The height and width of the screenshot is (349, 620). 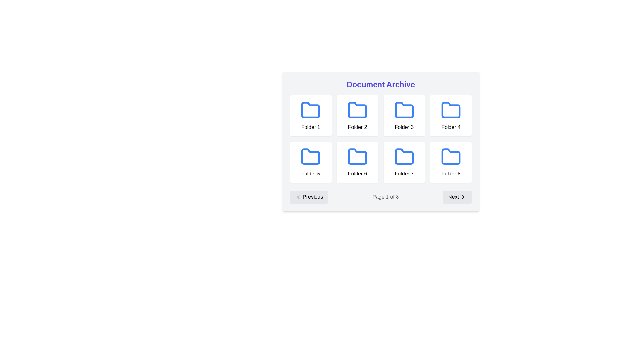 I want to click on the 'Previous' button with a leftward-chevron icon, so click(x=309, y=196).